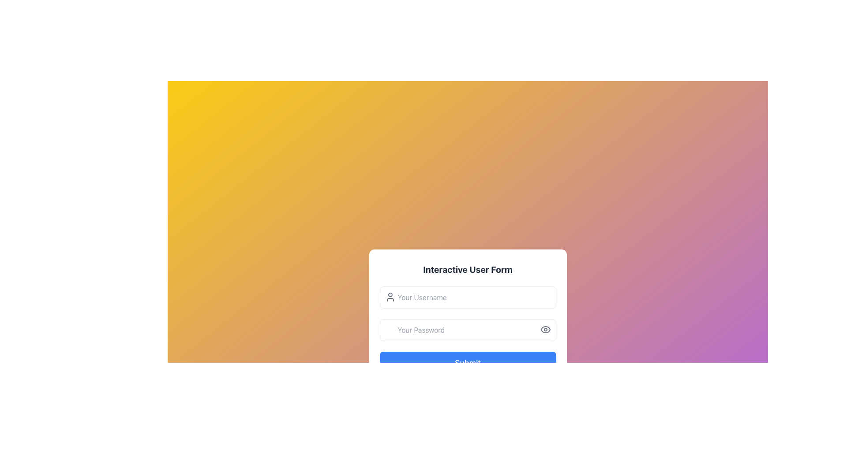  I want to click on the graphical eye icon, which is styled with thin, rounded strokes in grayscale and positioned to the left of the password input field, aligning vertically with its center, so click(545, 330).